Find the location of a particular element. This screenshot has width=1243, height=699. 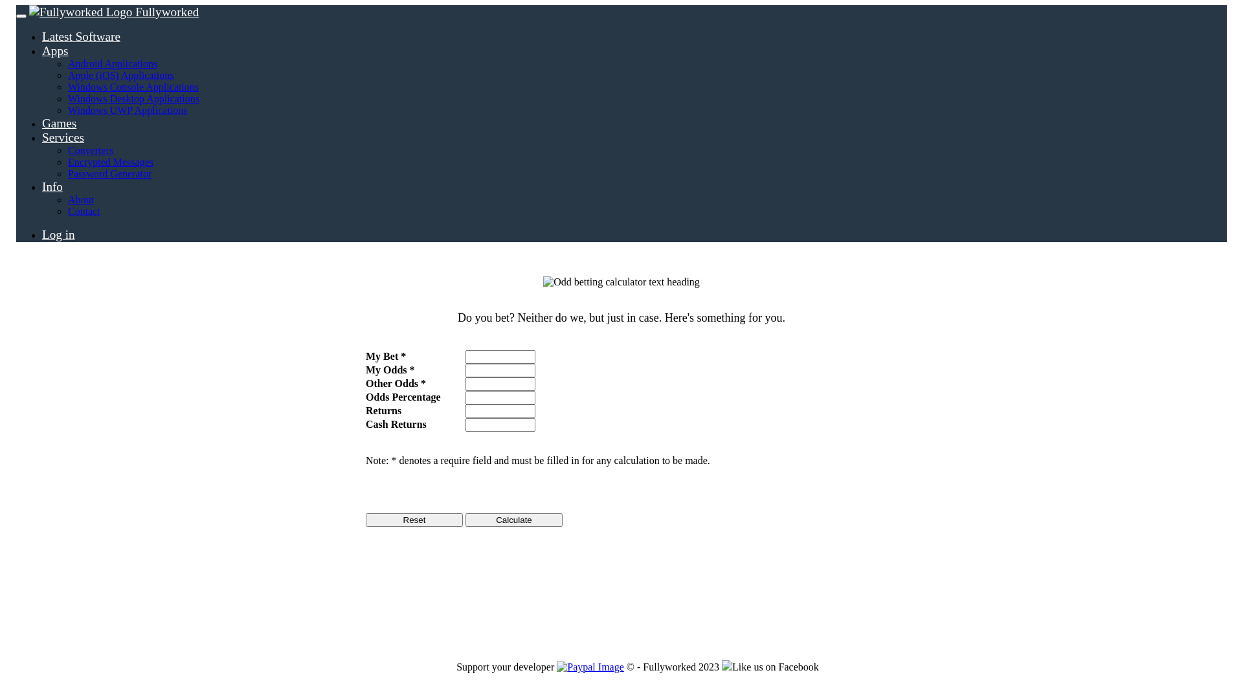

'Apps' is located at coordinates (42, 40).